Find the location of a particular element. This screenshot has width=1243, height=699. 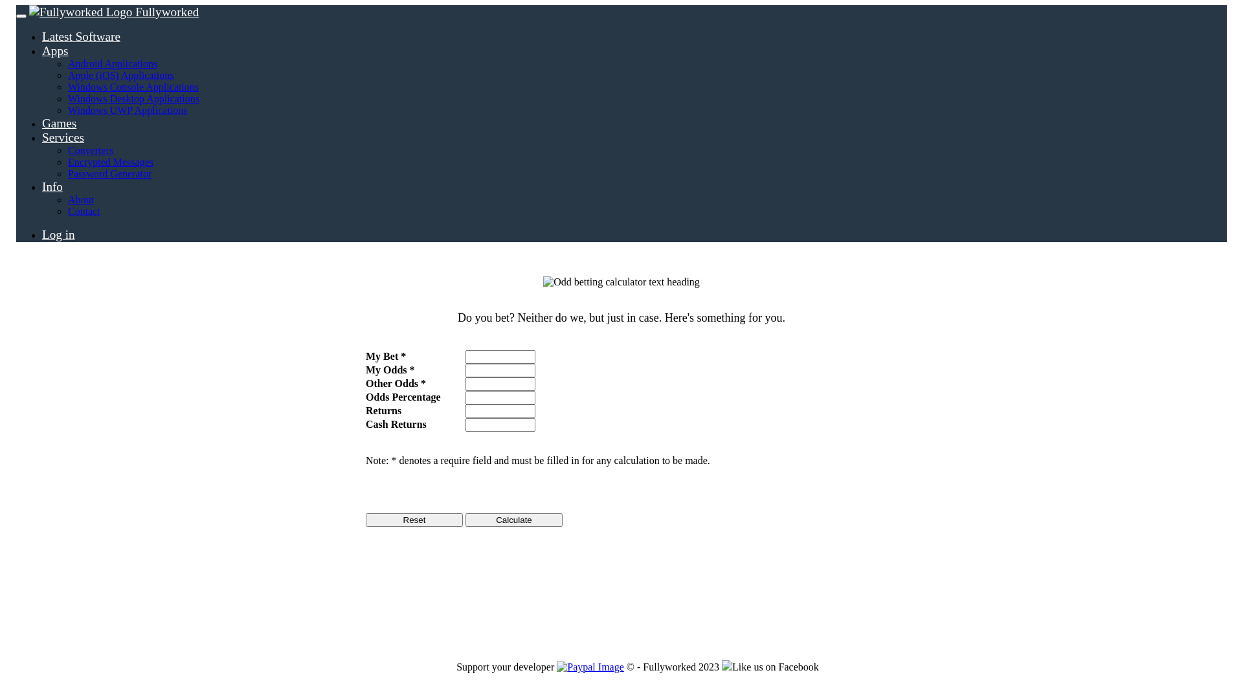

'Apps' is located at coordinates (42, 40).